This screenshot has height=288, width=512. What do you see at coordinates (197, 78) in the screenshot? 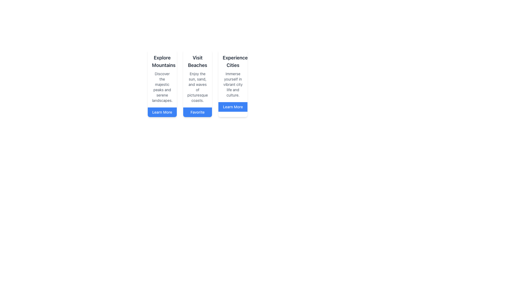
I see `the text block that provides details about the 'Visit Beaches' option, located in the middle card above the 'Favorite' button` at bounding box center [197, 78].